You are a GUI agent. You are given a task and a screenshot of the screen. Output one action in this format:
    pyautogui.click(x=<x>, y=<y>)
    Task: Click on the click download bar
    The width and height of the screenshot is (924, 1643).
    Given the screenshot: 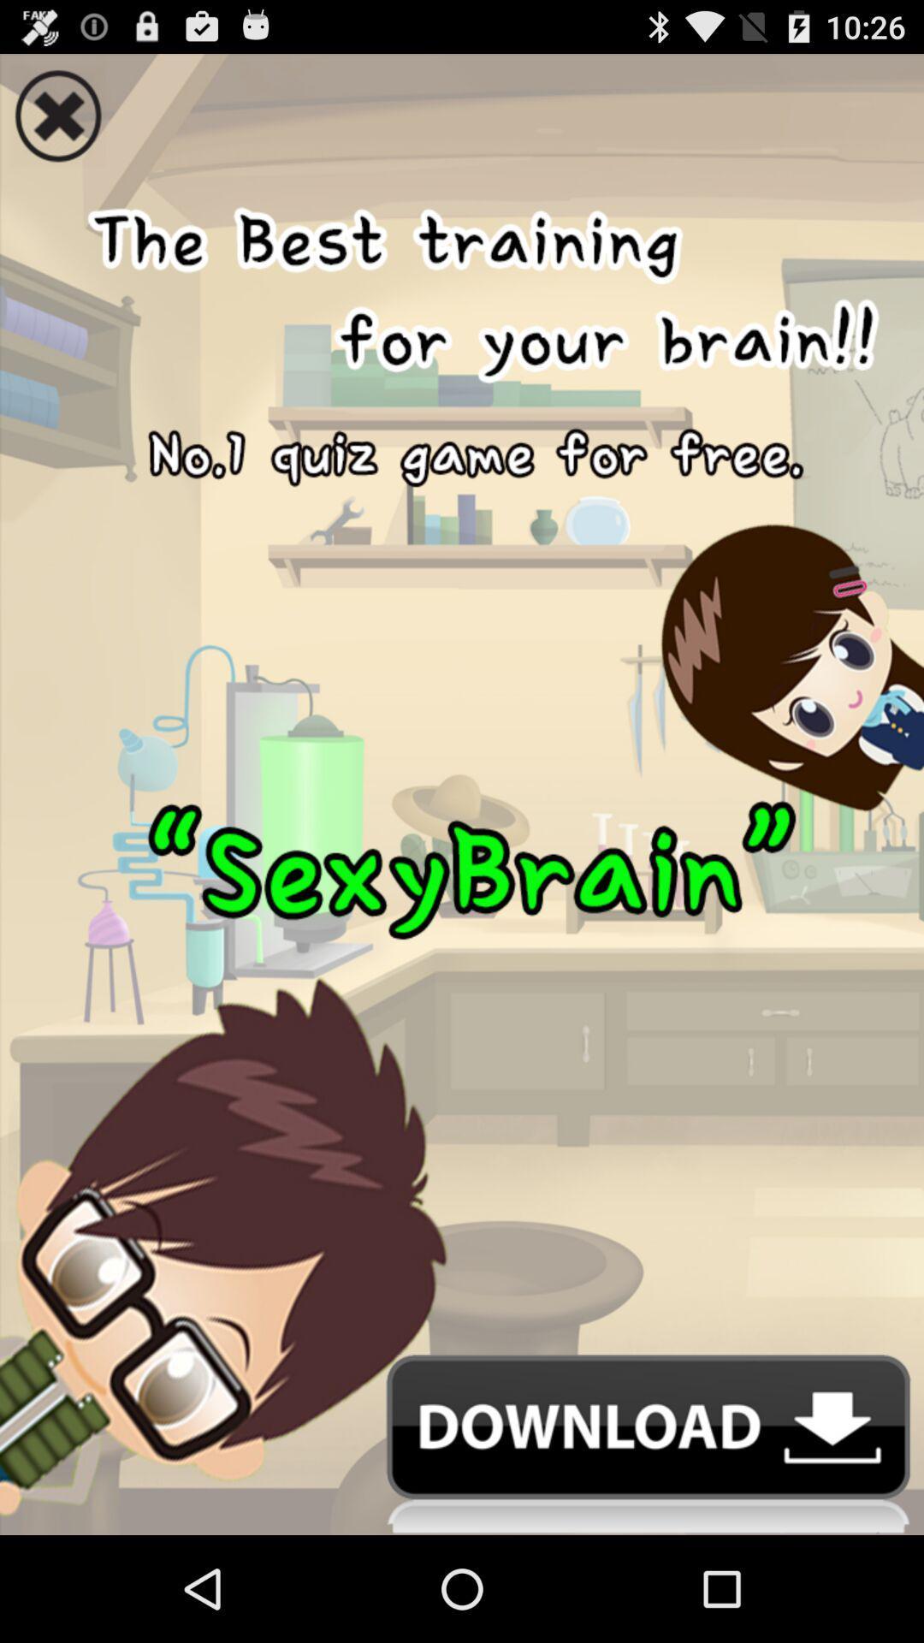 What is the action you would take?
    pyautogui.click(x=462, y=1444)
    